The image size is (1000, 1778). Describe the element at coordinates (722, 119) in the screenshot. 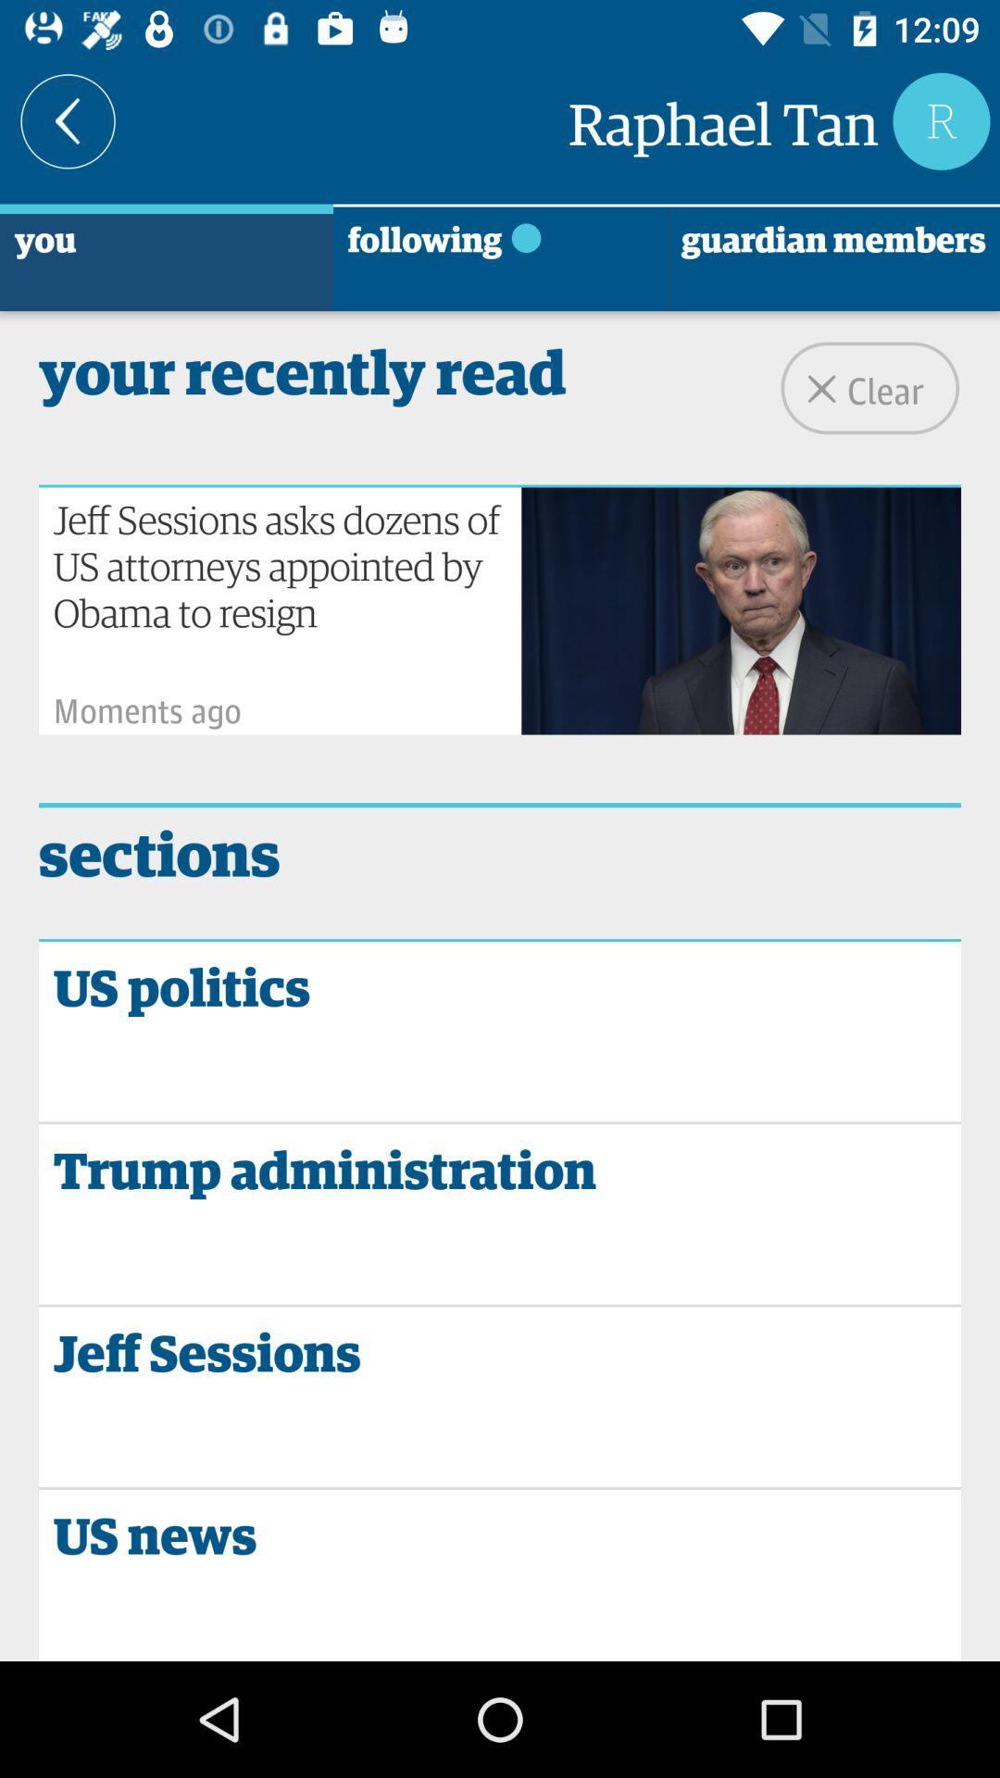

I see `the raphael tan icon` at that location.